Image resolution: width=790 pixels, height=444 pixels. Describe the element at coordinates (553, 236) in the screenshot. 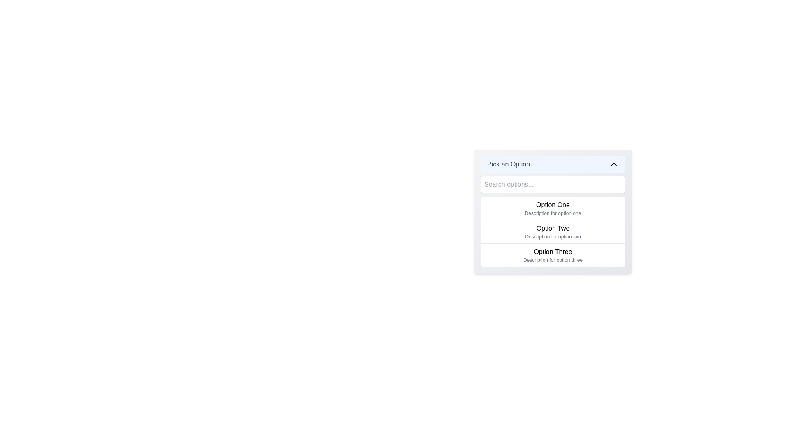

I see `the text display that reads 'Description for option two', which is styled in a small, gray font and positioned below 'Option Two' in the dropdown menu` at that location.